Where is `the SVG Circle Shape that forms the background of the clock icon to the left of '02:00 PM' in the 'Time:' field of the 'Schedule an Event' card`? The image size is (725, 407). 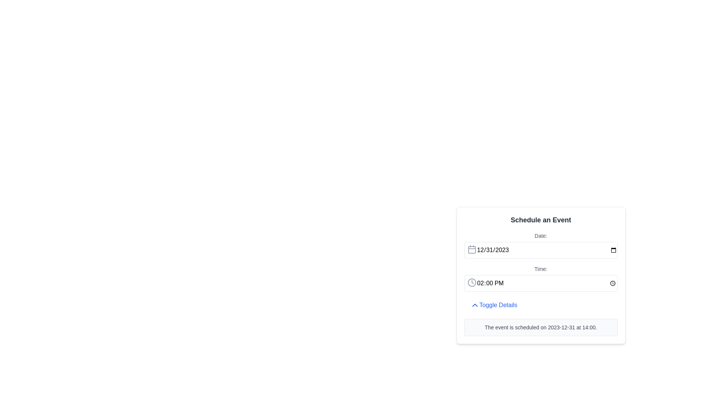 the SVG Circle Shape that forms the background of the clock icon to the left of '02:00 PM' in the 'Time:' field of the 'Schedule an Event' card is located at coordinates (471, 282).